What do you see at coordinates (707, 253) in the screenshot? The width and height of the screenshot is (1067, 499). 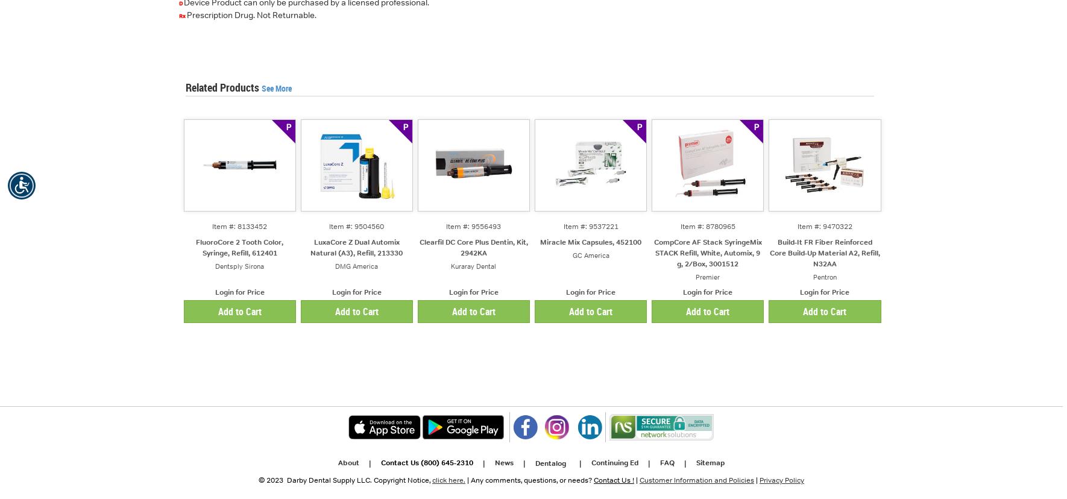 I see `'CompCore AF Stack  SyringeMix STACK Refill, White, Automix, 9 g, 2/Box, 3001512'` at bounding box center [707, 253].